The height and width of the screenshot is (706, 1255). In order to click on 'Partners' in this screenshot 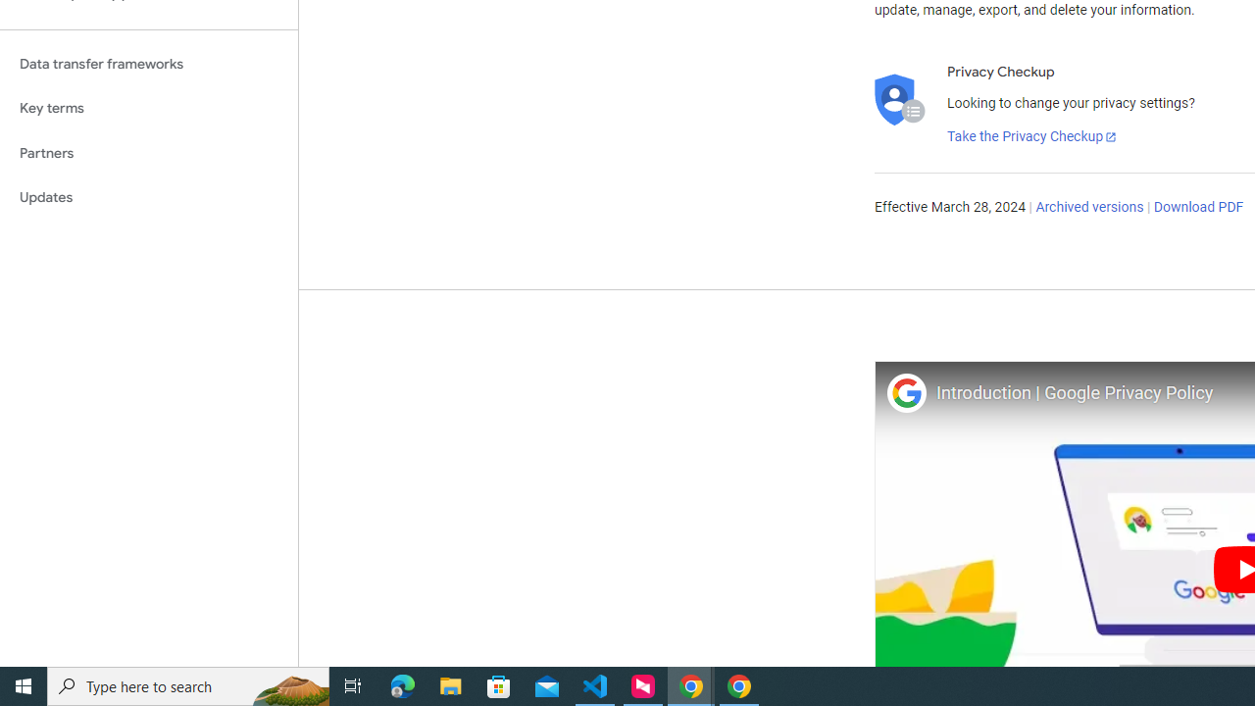, I will do `click(148, 152)`.